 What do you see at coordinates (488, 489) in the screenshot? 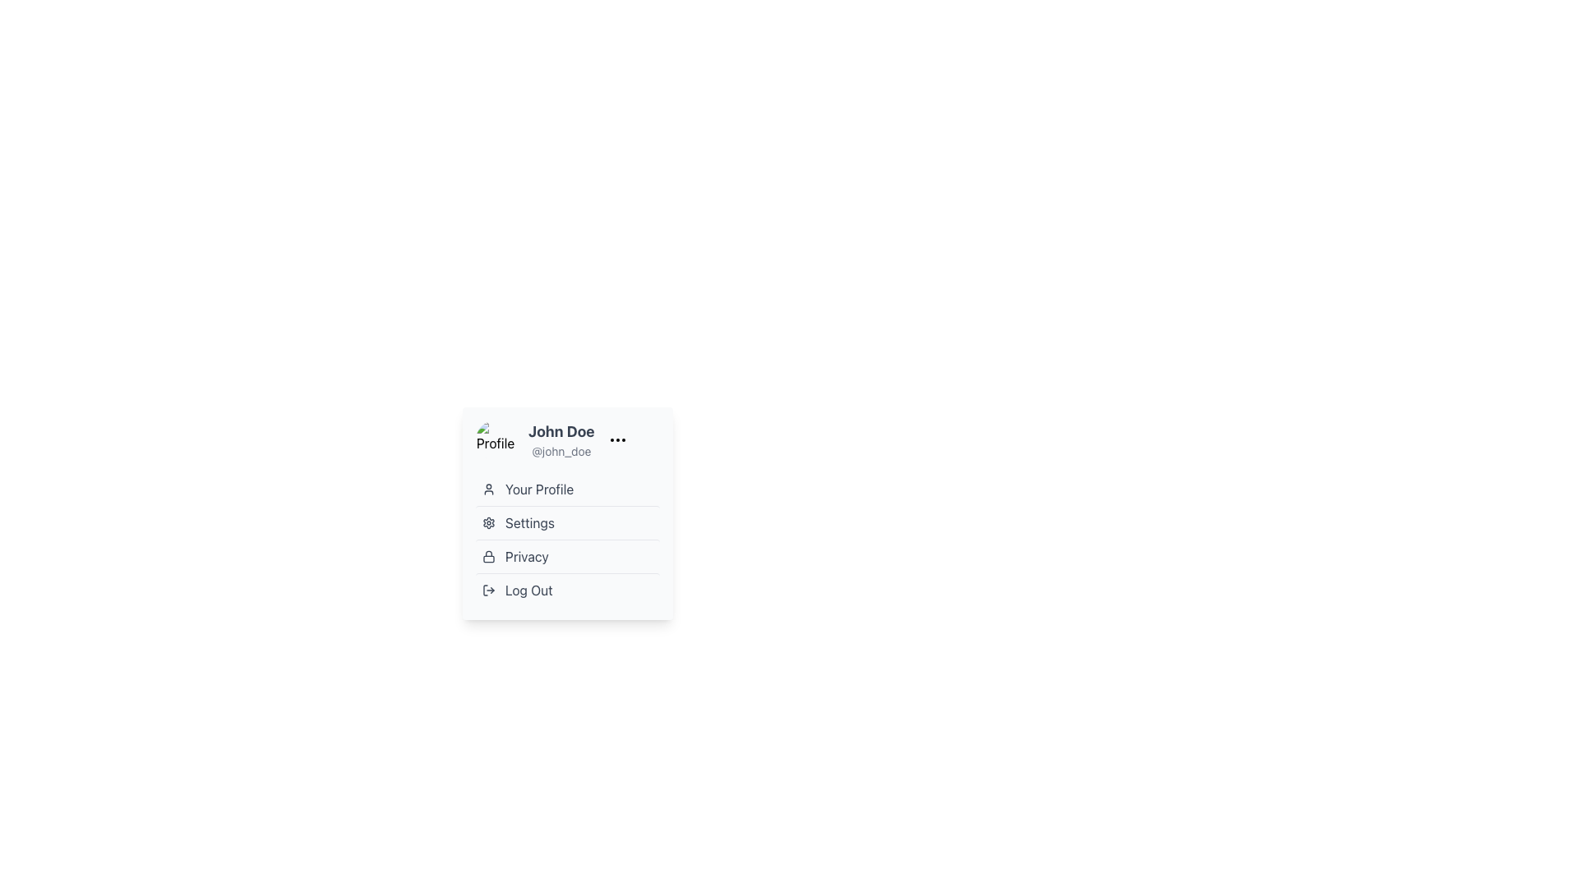
I see `the 'Your Profile' icon, which is a visual representation located in the top-left portion of the corresponding menu item, aiding user navigation` at bounding box center [488, 489].